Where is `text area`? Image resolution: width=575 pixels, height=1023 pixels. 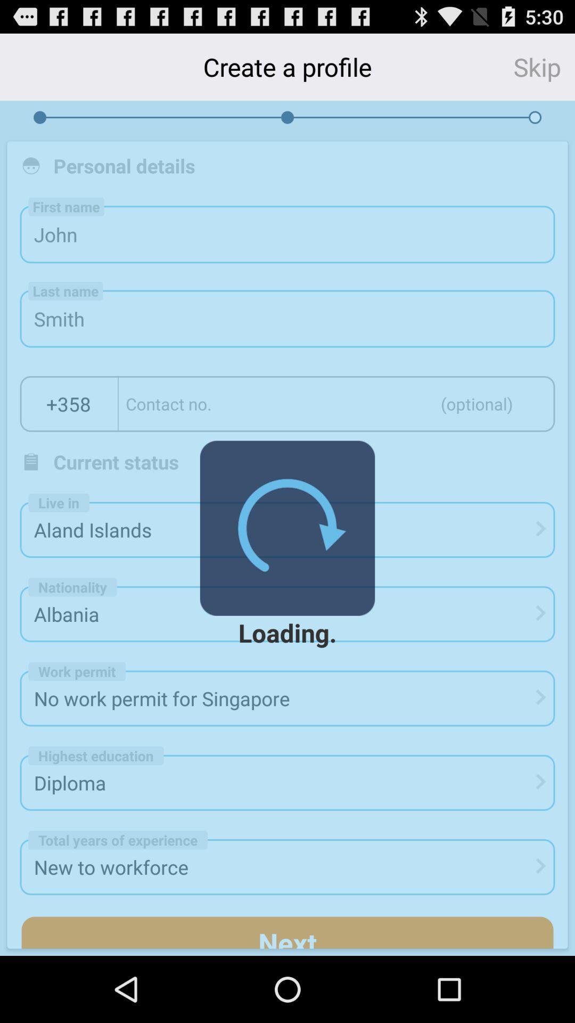 text area is located at coordinates (336, 403).